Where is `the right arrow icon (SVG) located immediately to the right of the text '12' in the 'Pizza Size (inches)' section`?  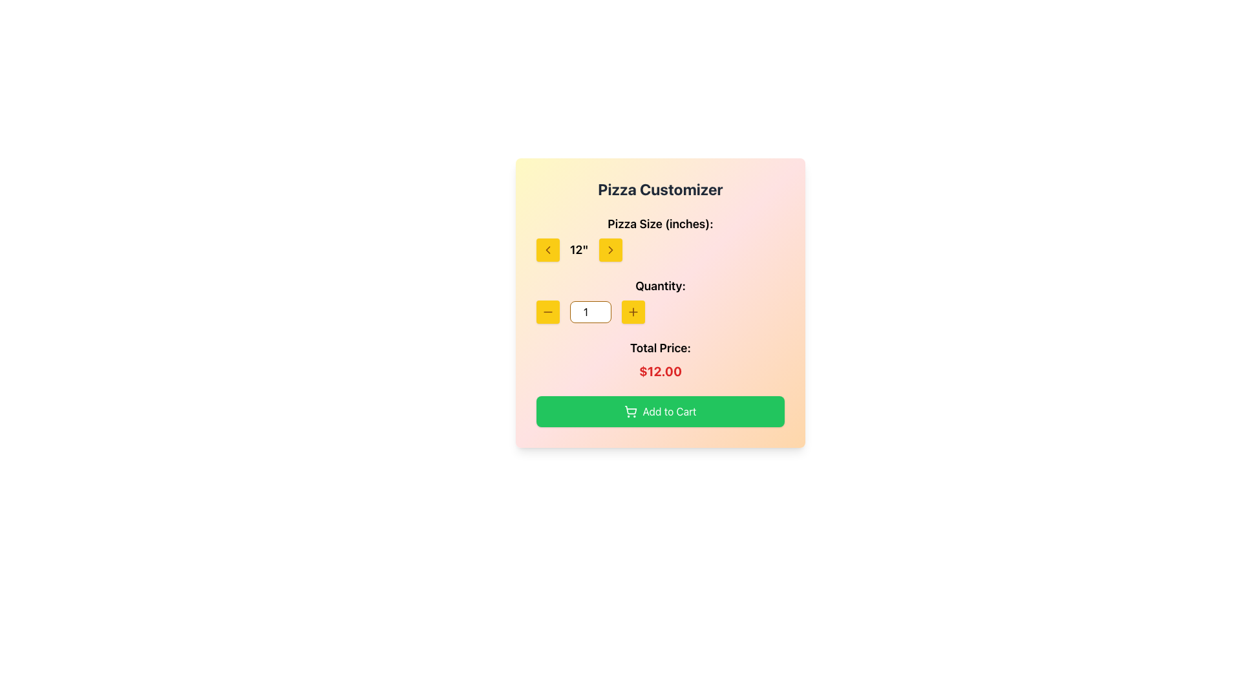
the right arrow icon (SVG) located immediately to the right of the text '12' in the 'Pizza Size (inches)' section is located at coordinates (610, 249).